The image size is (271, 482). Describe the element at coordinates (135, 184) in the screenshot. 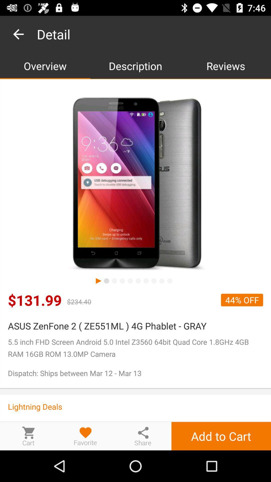

I see `display space of the mobile searched` at that location.